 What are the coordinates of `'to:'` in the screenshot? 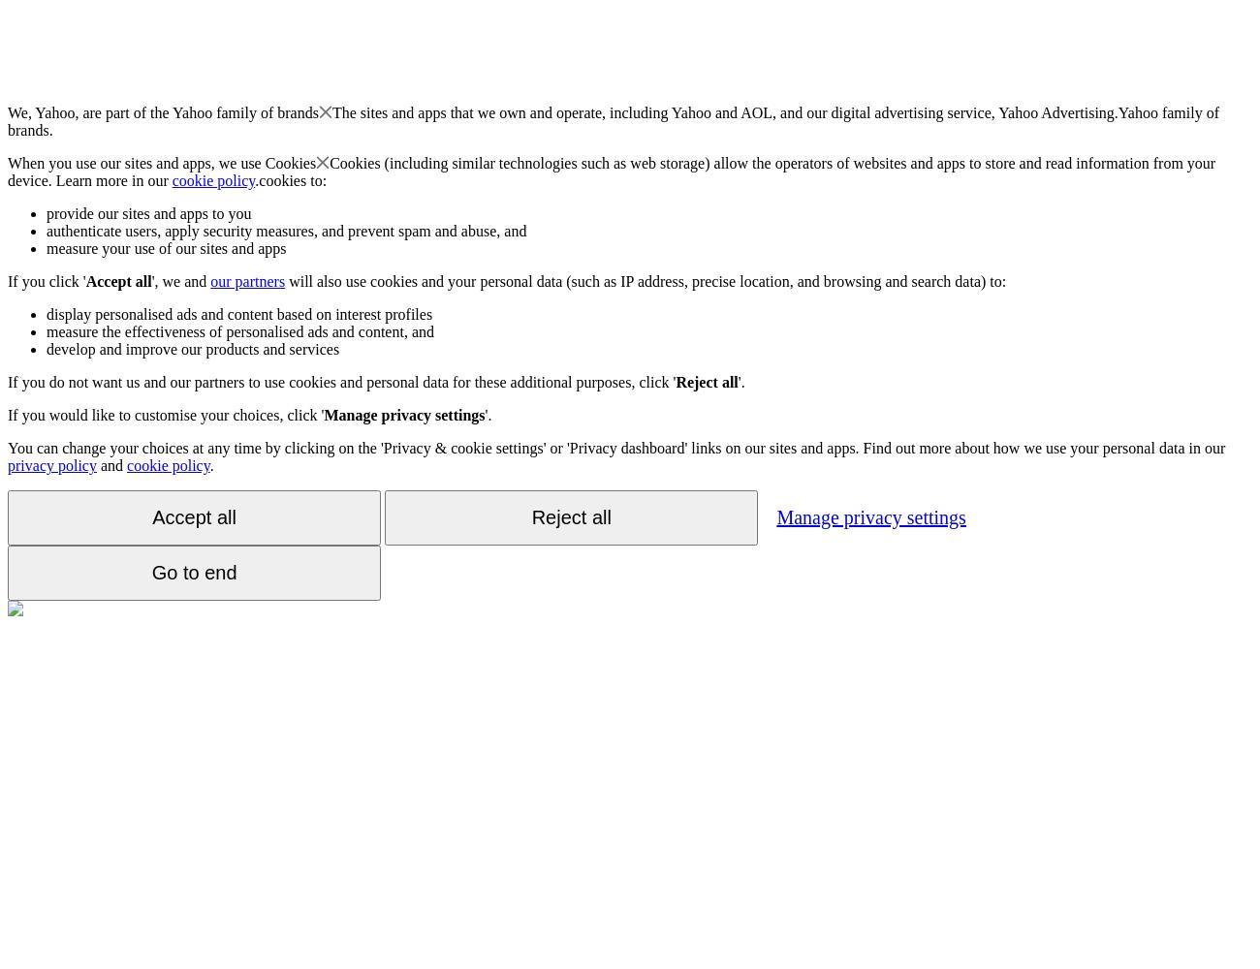 It's located at (315, 180).